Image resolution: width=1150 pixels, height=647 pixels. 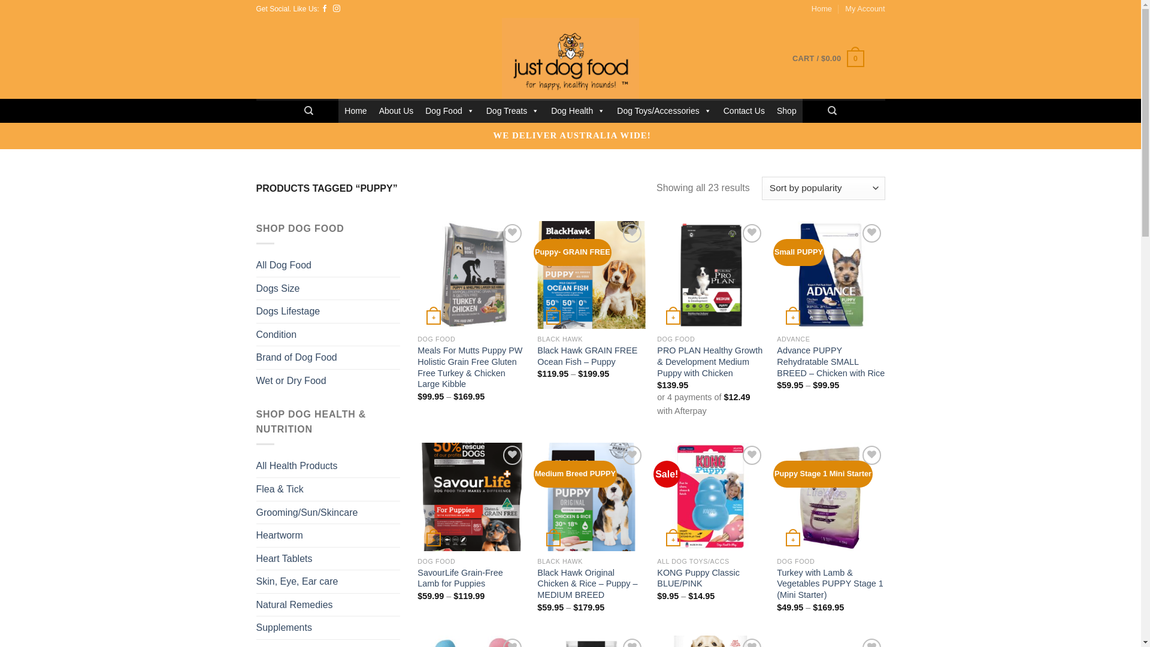 What do you see at coordinates (830, 583) in the screenshot?
I see `'Turkey with Lamb & Vegetables PUPPY Stage 1 (Mini Starter)'` at bounding box center [830, 583].